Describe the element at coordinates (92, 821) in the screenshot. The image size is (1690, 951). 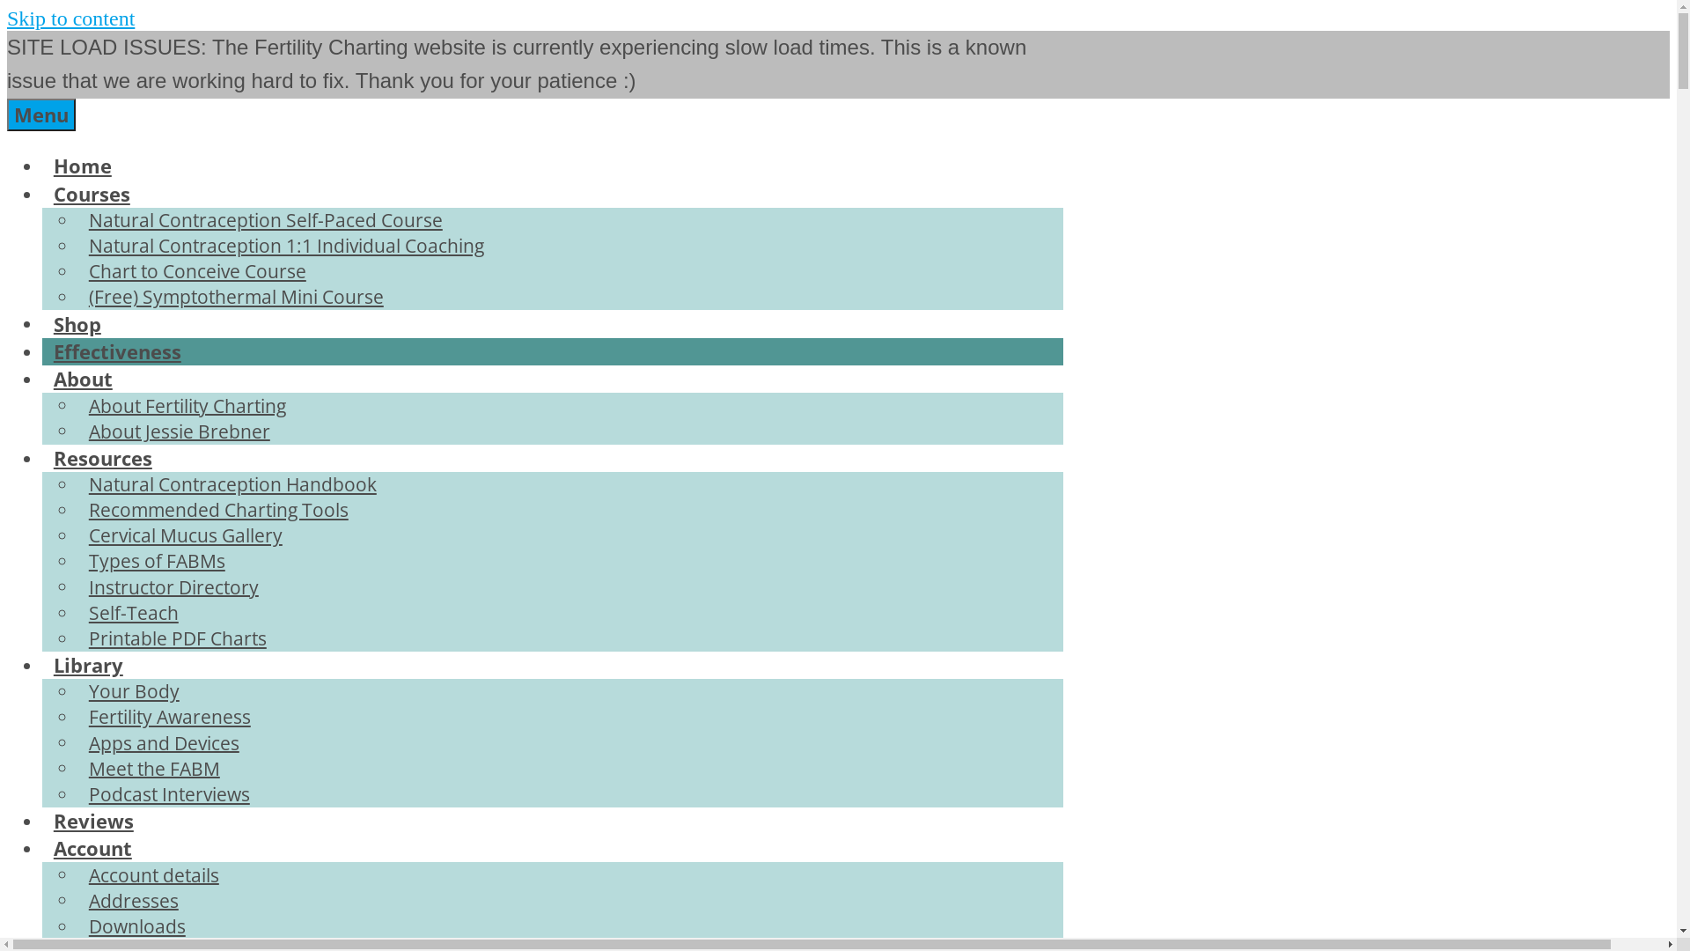
I see `'Reviews'` at that location.